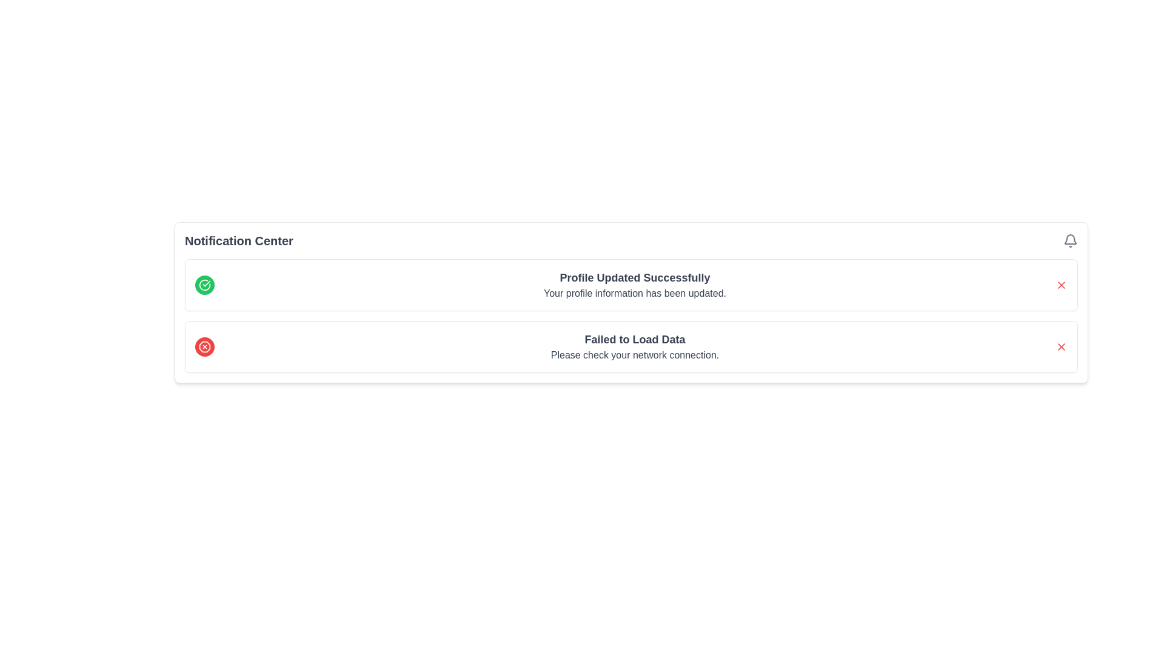 The height and width of the screenshot is (654, 1164). Describe the element at coordinates (204, 347) in the screenshot. I see `the error icon located in the second row of the notification list in the Notification Center, which precedes the text 'Failed to Load Data'` at that location.